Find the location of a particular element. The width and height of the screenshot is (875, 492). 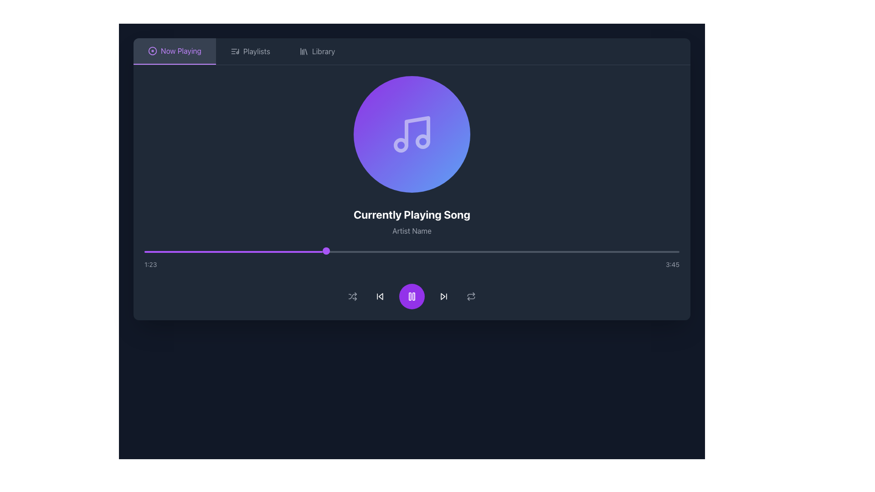

the playback position is located at coordinates (365, 251).